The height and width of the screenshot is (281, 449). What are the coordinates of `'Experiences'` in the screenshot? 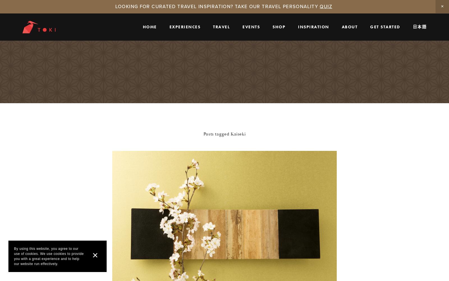 It's located at (169, 26).